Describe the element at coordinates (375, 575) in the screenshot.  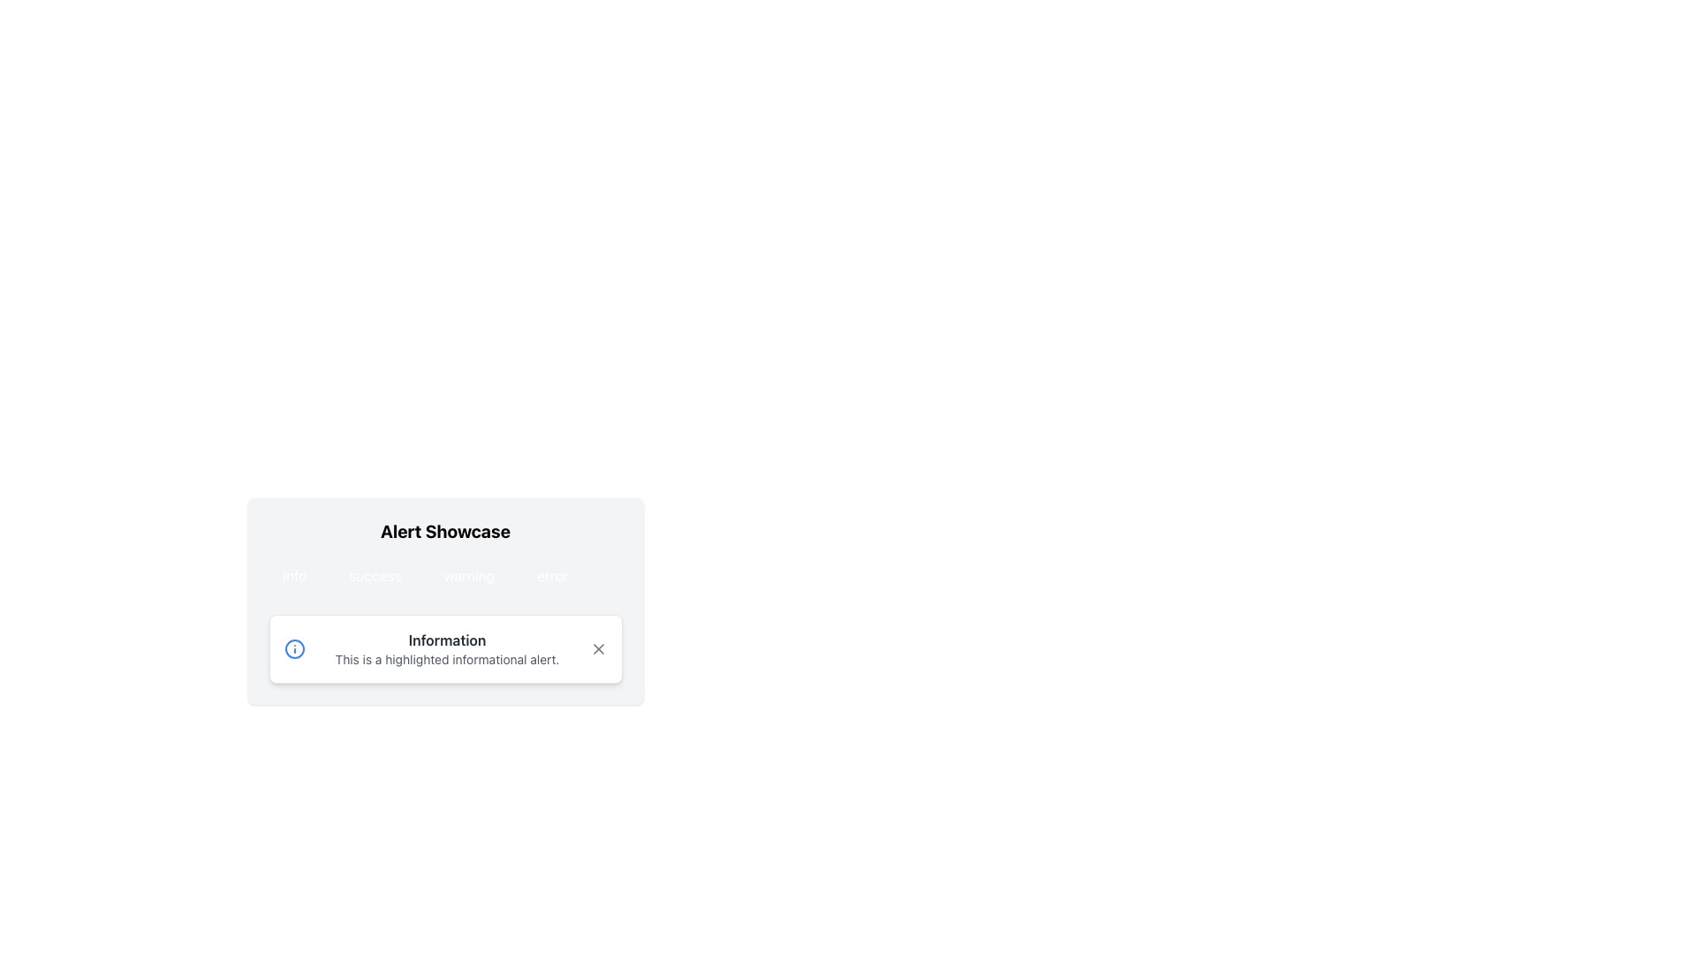
I see `the success-themed button located below the 'Alert Showcase' section` at that location.